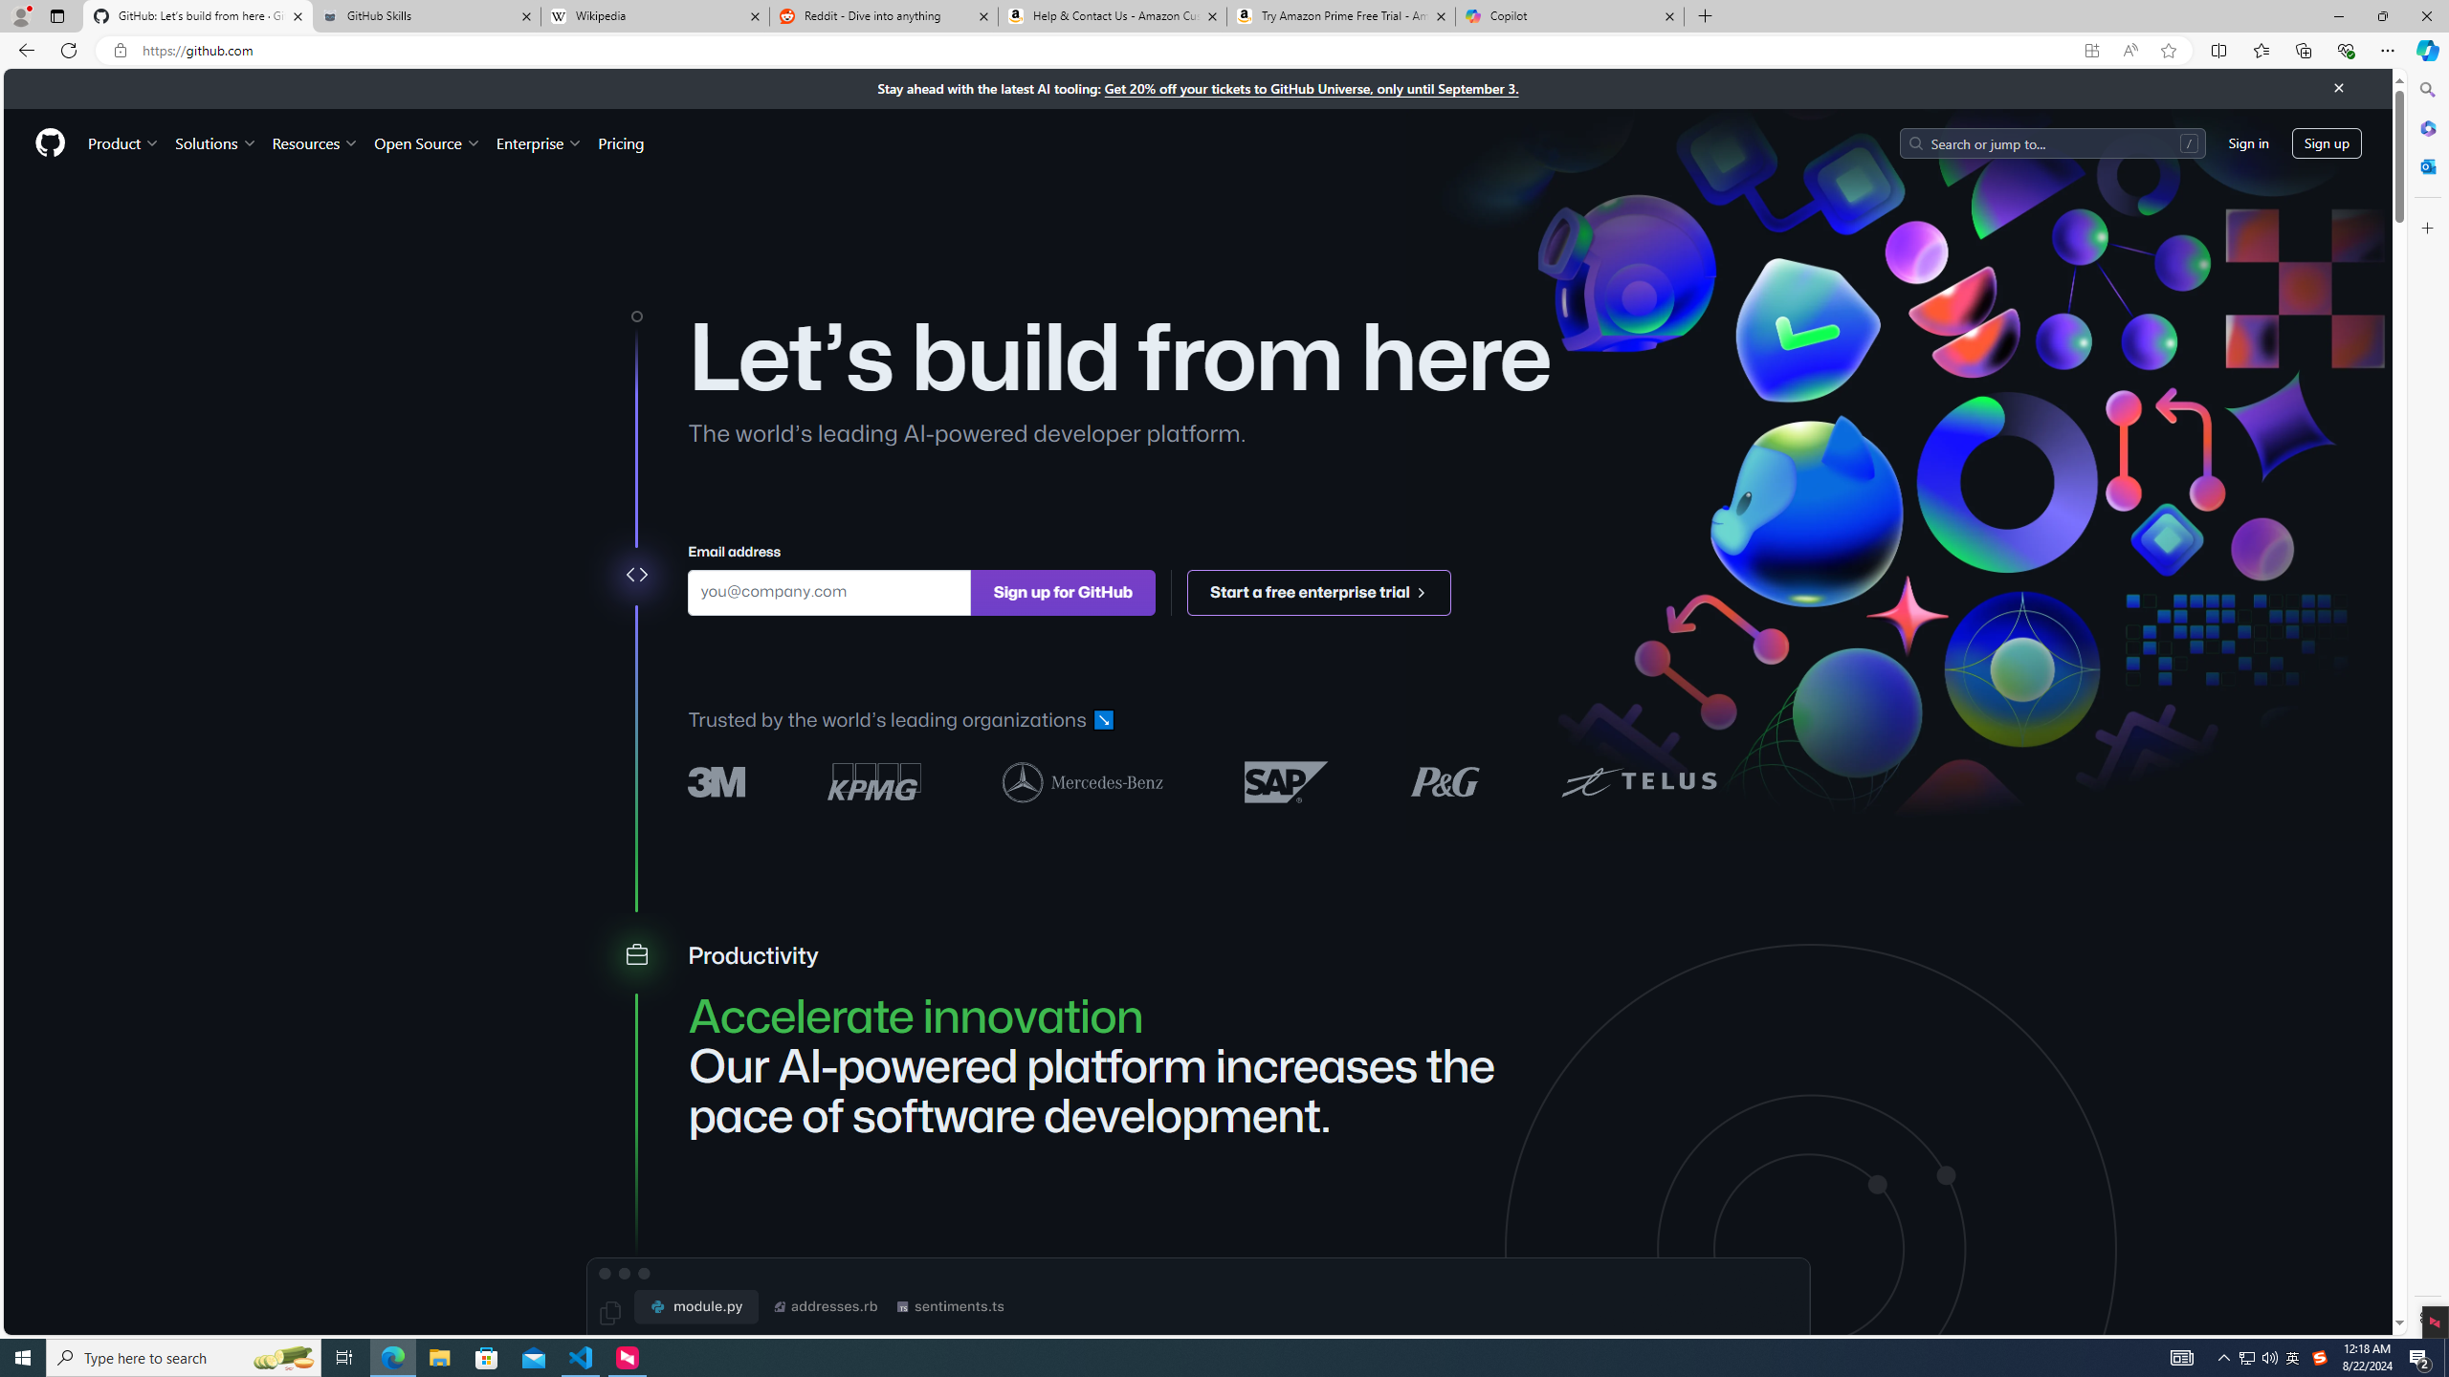  Describe the element at coordinates (316, 142) in the screenshot. I see `'Resources'` at that location.